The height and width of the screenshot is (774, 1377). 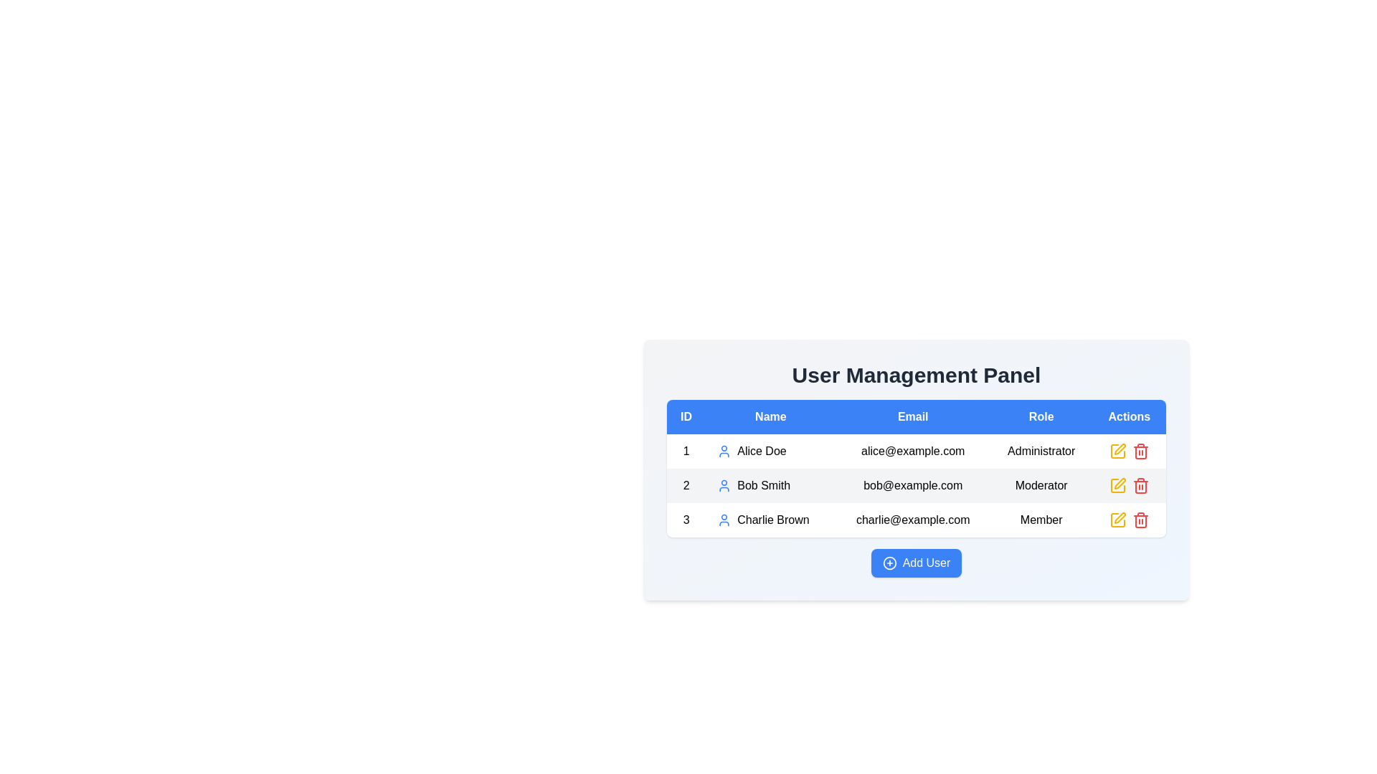 I want to click on the 'Add User' button which contains the blue circled plus sign icon, so click(x=889, y=563).